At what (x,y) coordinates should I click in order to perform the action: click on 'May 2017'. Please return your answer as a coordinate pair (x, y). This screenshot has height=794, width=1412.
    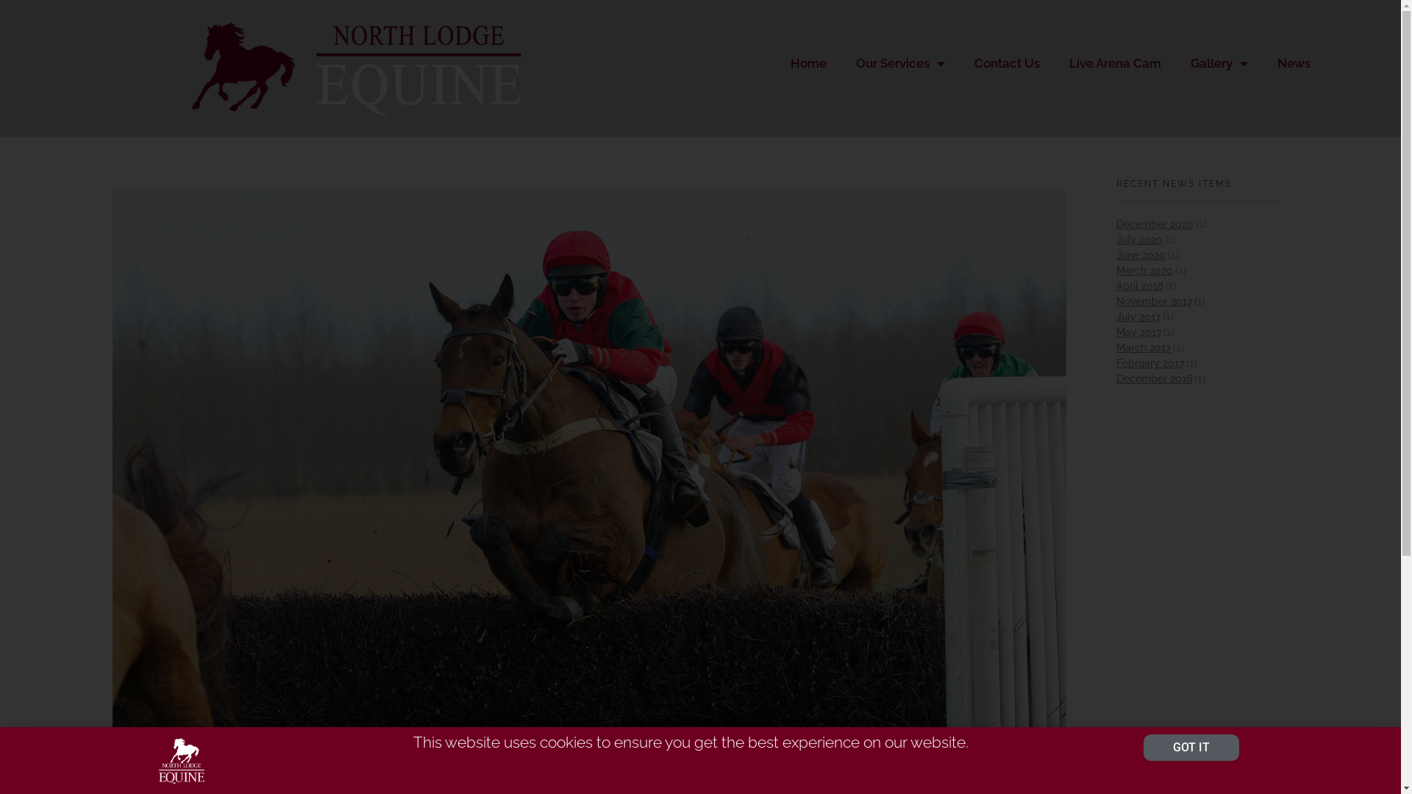
    Looking at the image, I should click on (1138, 332).